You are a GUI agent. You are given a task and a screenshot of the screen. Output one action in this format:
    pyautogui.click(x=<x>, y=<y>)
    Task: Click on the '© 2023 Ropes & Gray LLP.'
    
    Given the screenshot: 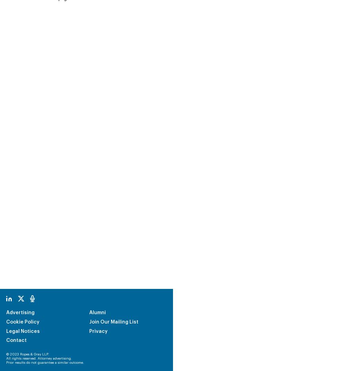 What is the action you would take?
    pyautogui.click(x=27, y=308)
    